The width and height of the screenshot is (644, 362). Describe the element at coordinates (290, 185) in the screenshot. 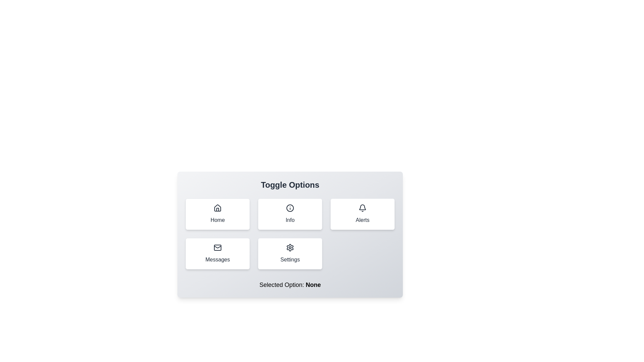

I see `the Static Text element that serves as a title for the section, positioned centrally above the options labeled 'Home', 'Info', 'Alerts', etc` at that location.